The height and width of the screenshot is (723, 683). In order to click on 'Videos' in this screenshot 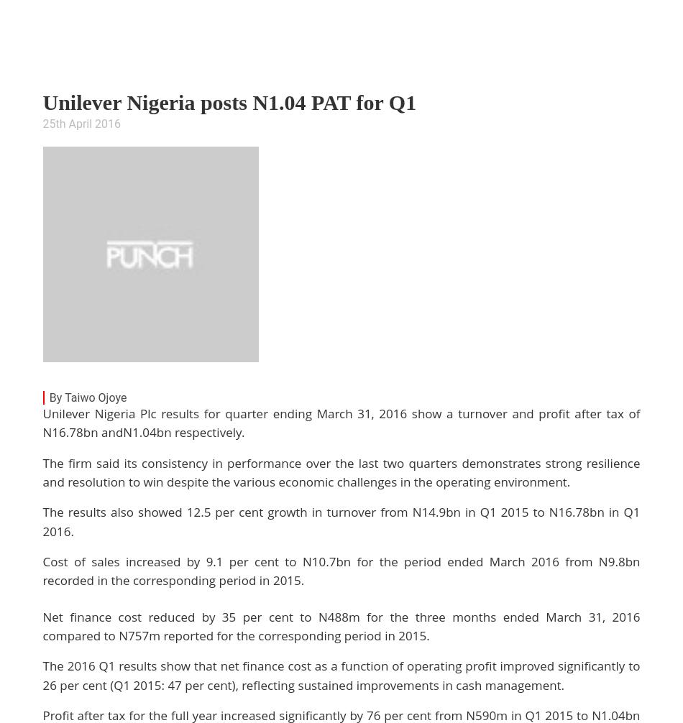, I will do `click(321, 65)`.